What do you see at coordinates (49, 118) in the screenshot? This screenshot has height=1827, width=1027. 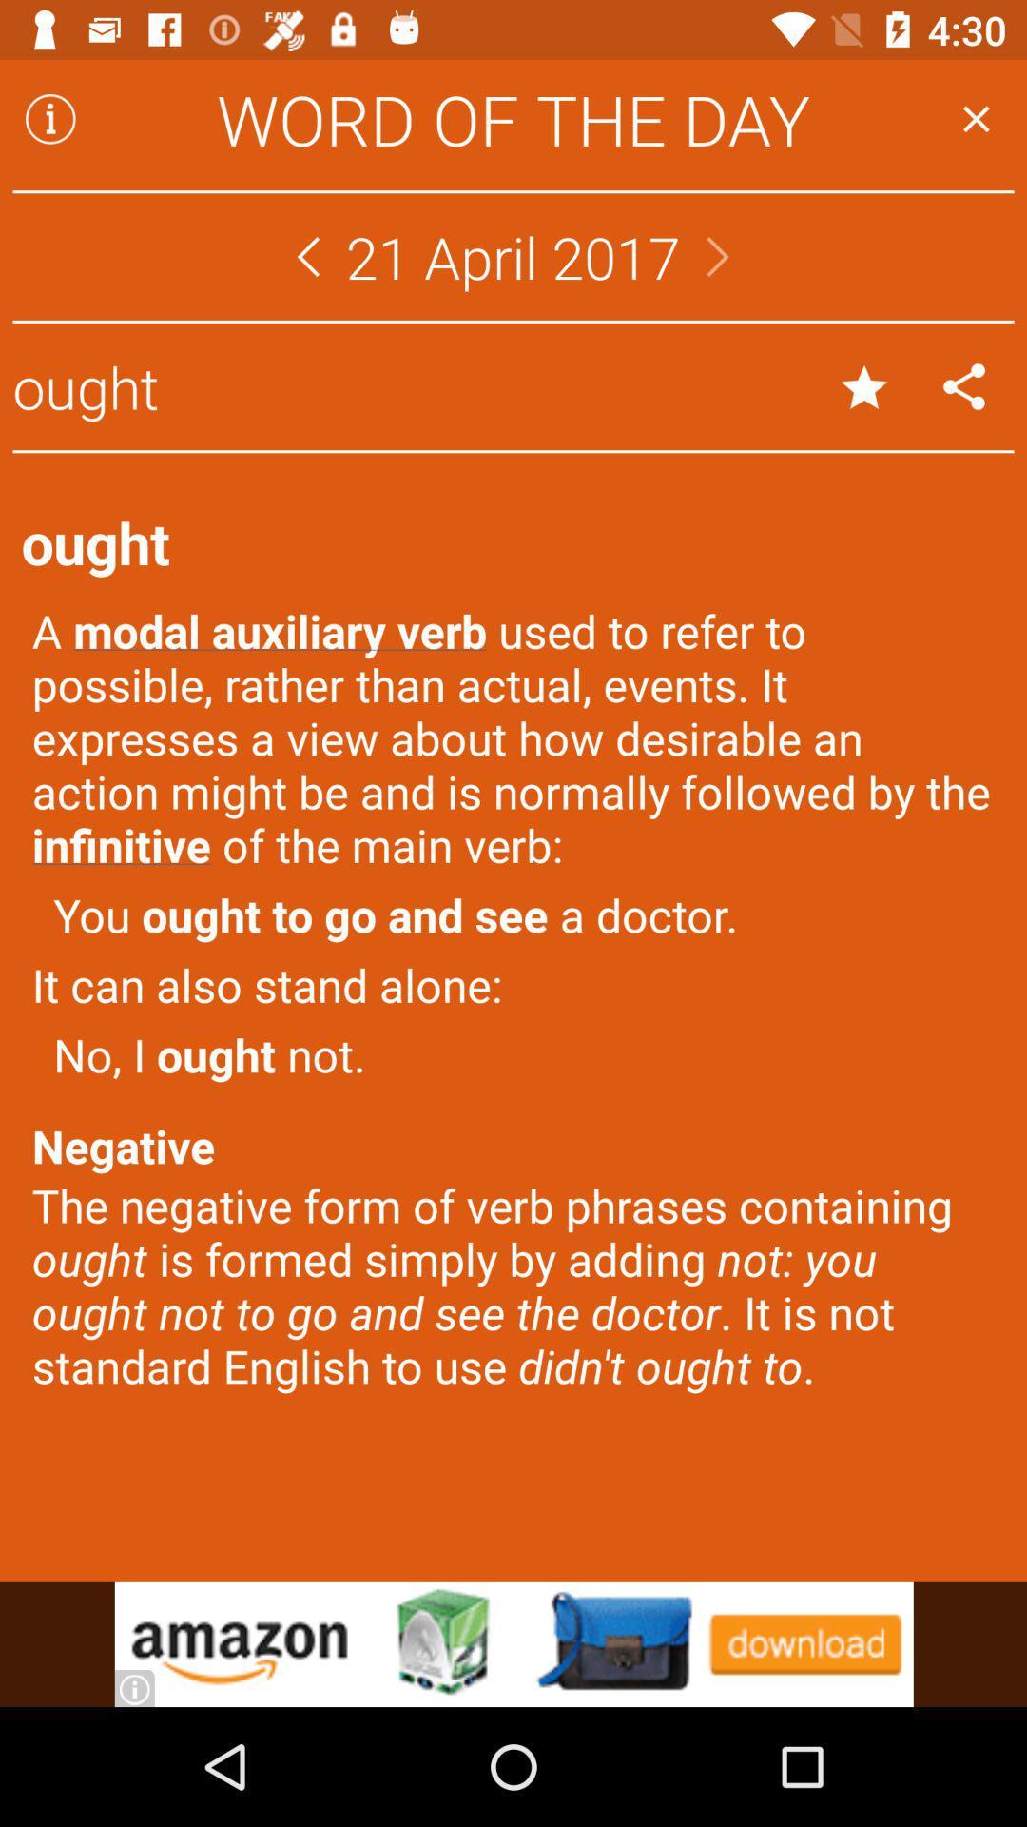 I see `more information` at bounding box center [49, 118].